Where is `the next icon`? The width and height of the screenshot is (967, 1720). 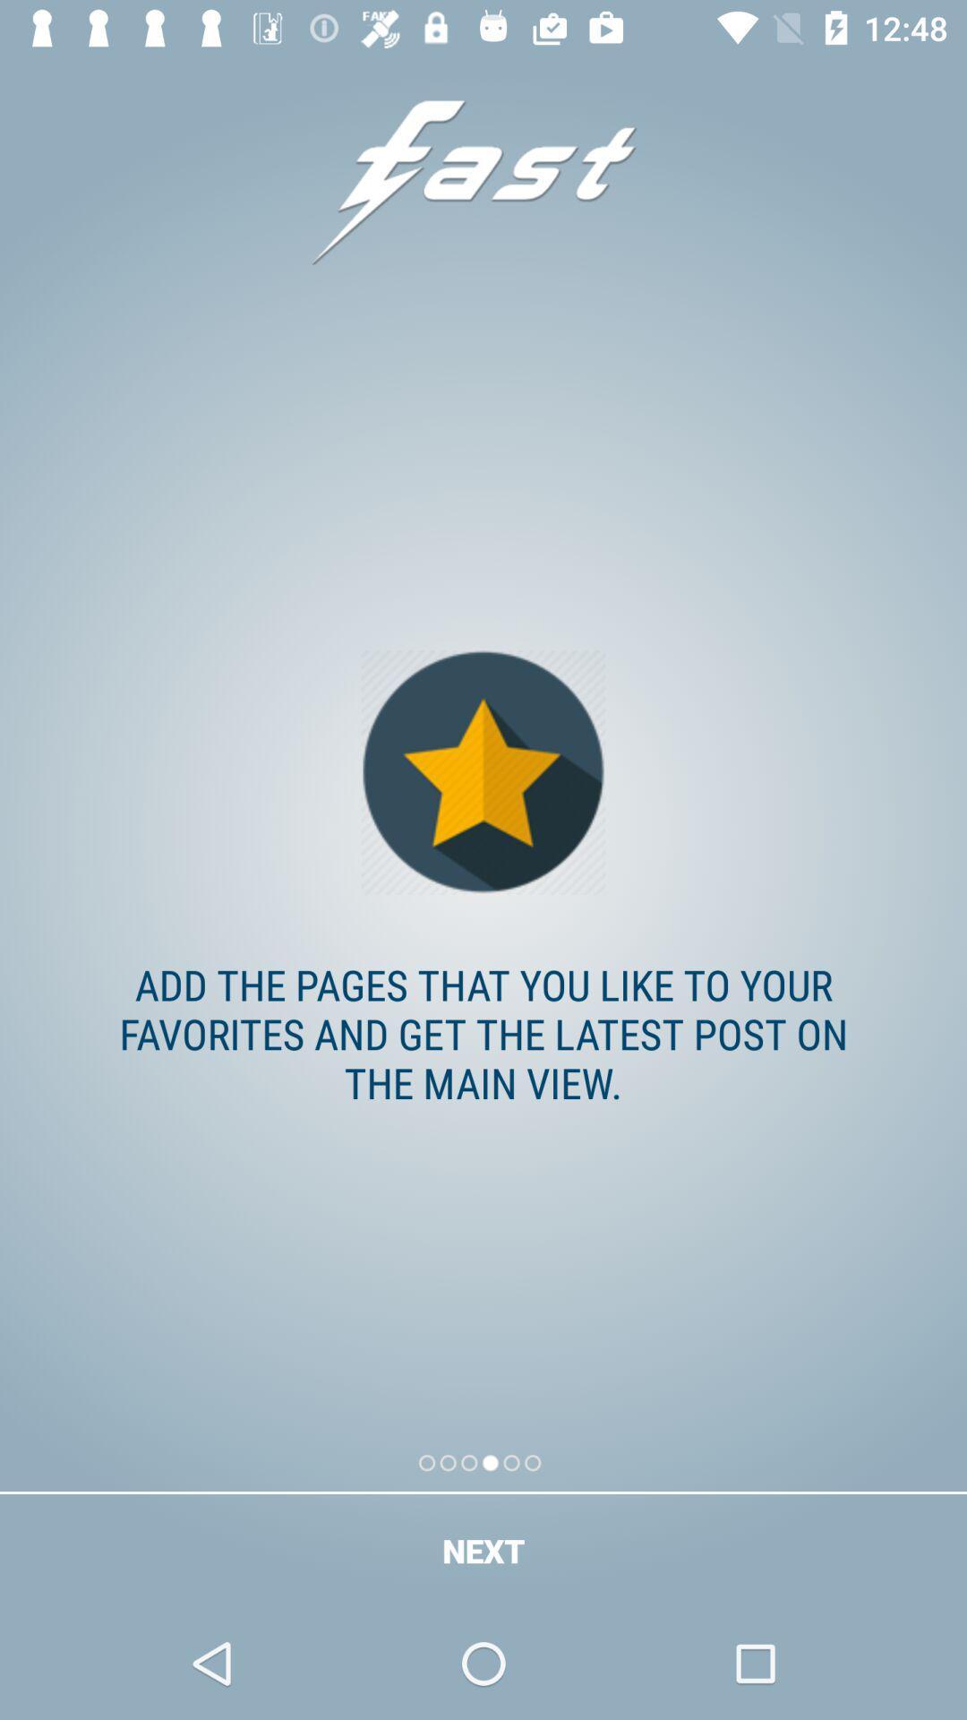
the next icon is located at coordinates (483, 1550).